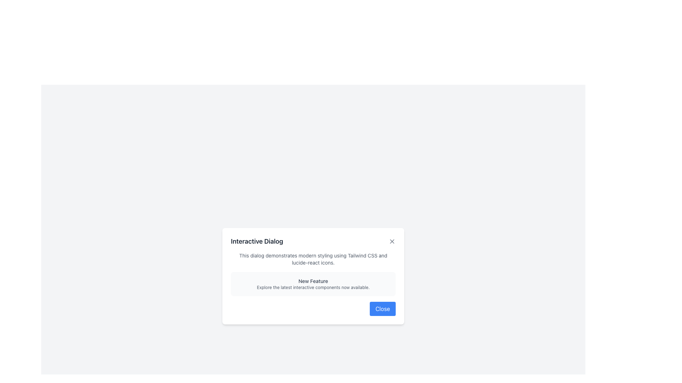 Image resolution: width=682 pixels, height=383 pixels. What do you see at coordinates (313, 259) in the screenshot?
I see `the Text Label located beneath the heading 'Interactive Dialog' in the upper part of the dialog box` at bounding box center [313, 259].